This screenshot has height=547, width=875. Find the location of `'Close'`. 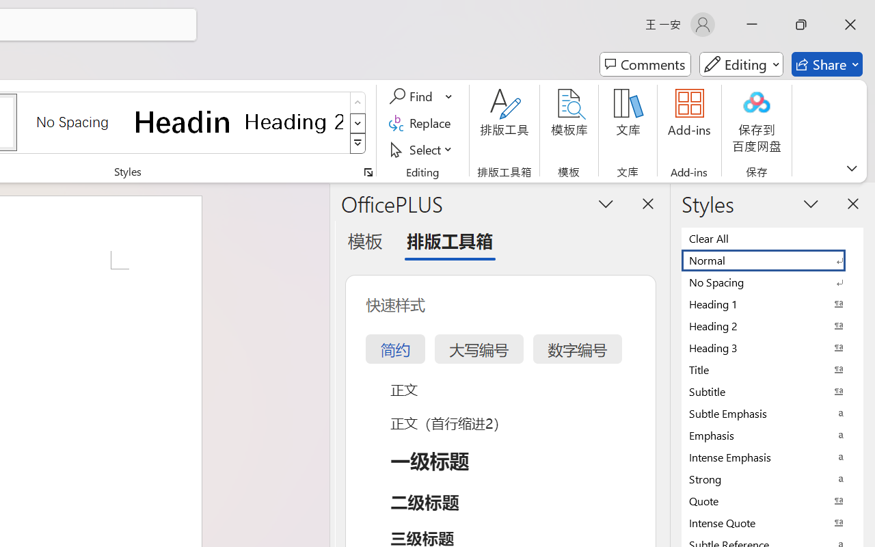

'Close' is located at coordinates (850, 24).